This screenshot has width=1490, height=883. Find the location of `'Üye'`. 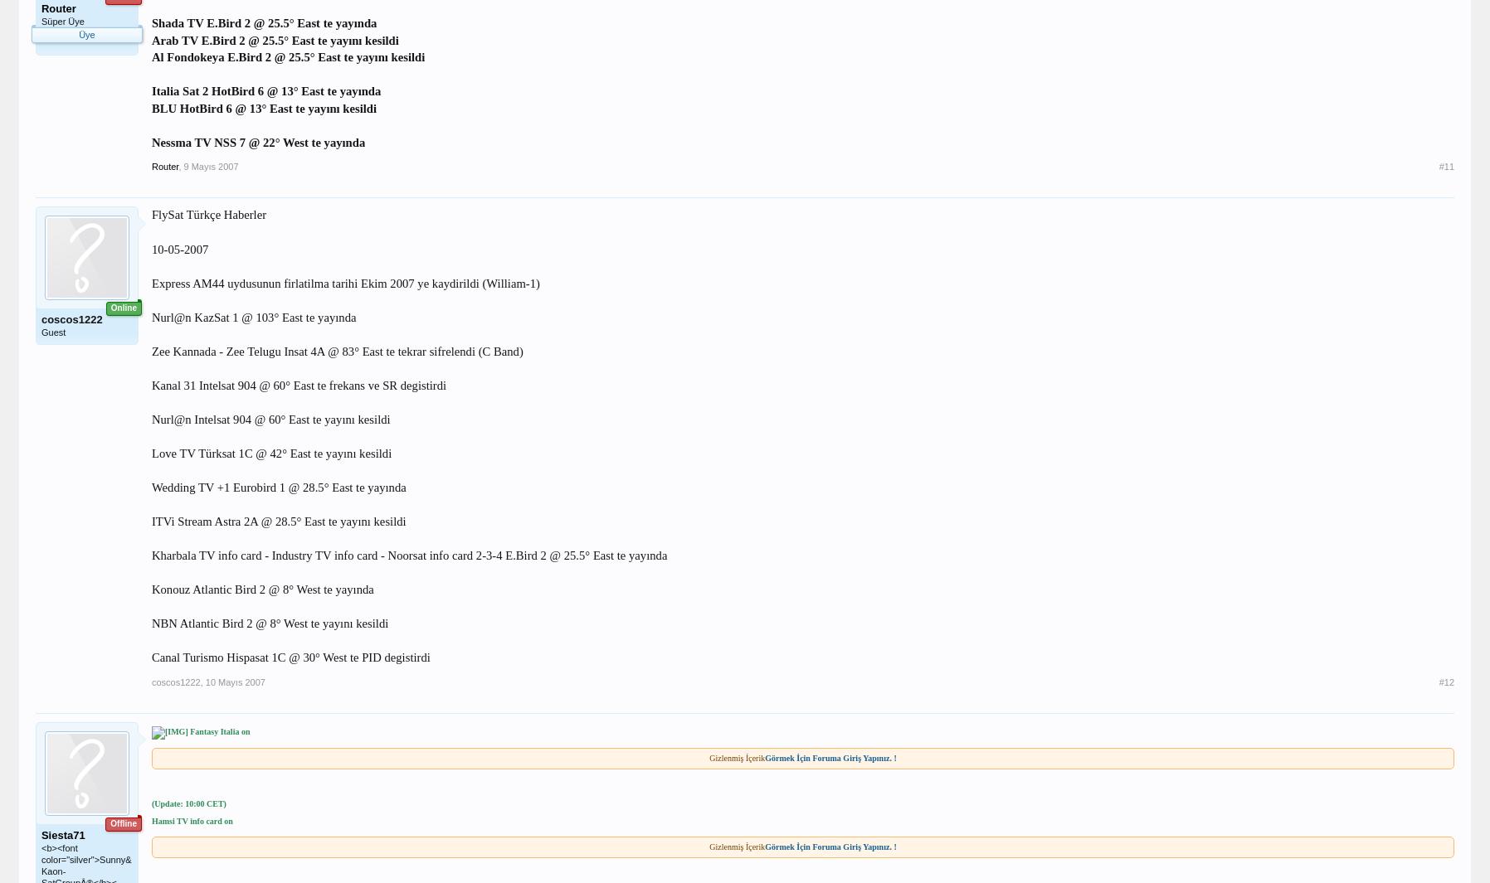

'Üye' is located at coordinates (85, 33).